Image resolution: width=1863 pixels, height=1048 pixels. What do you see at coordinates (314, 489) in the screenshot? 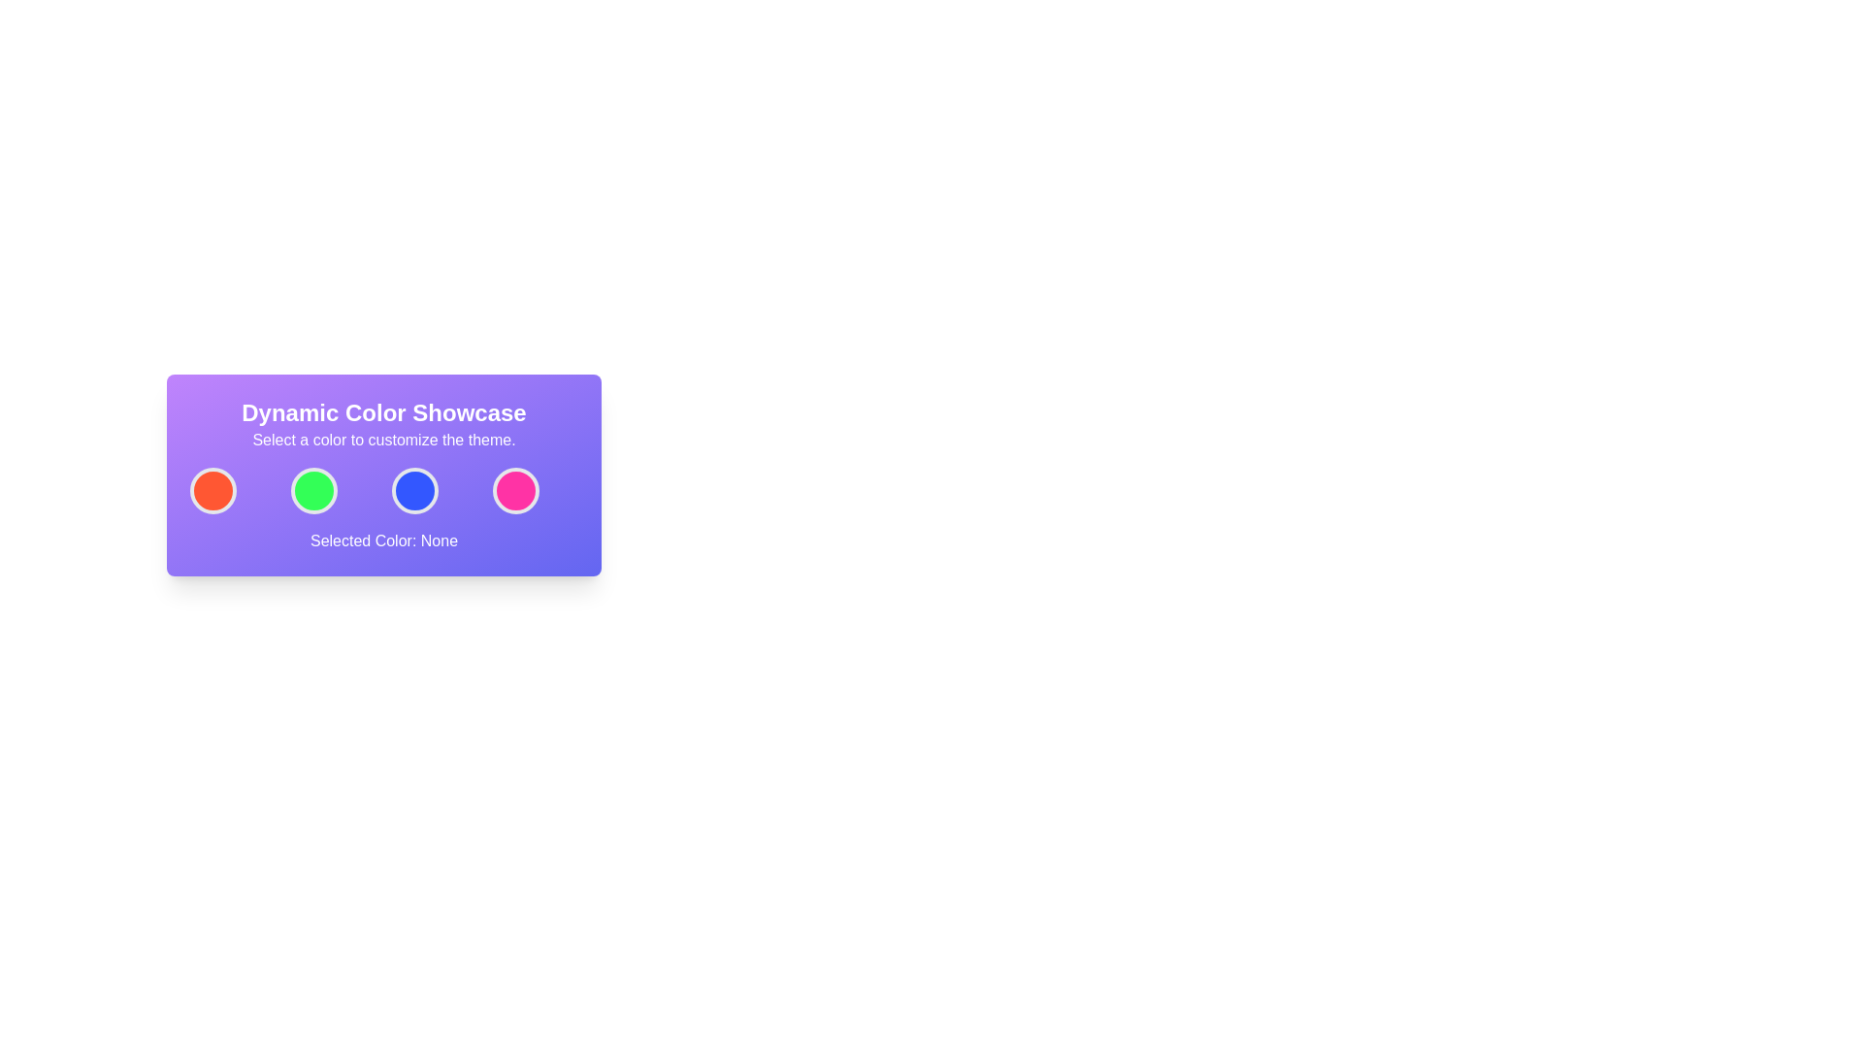
I see `the second button in the row of four buttons located below the title 'Dynamic Color Showcase'` at bounding box center [314, 489].